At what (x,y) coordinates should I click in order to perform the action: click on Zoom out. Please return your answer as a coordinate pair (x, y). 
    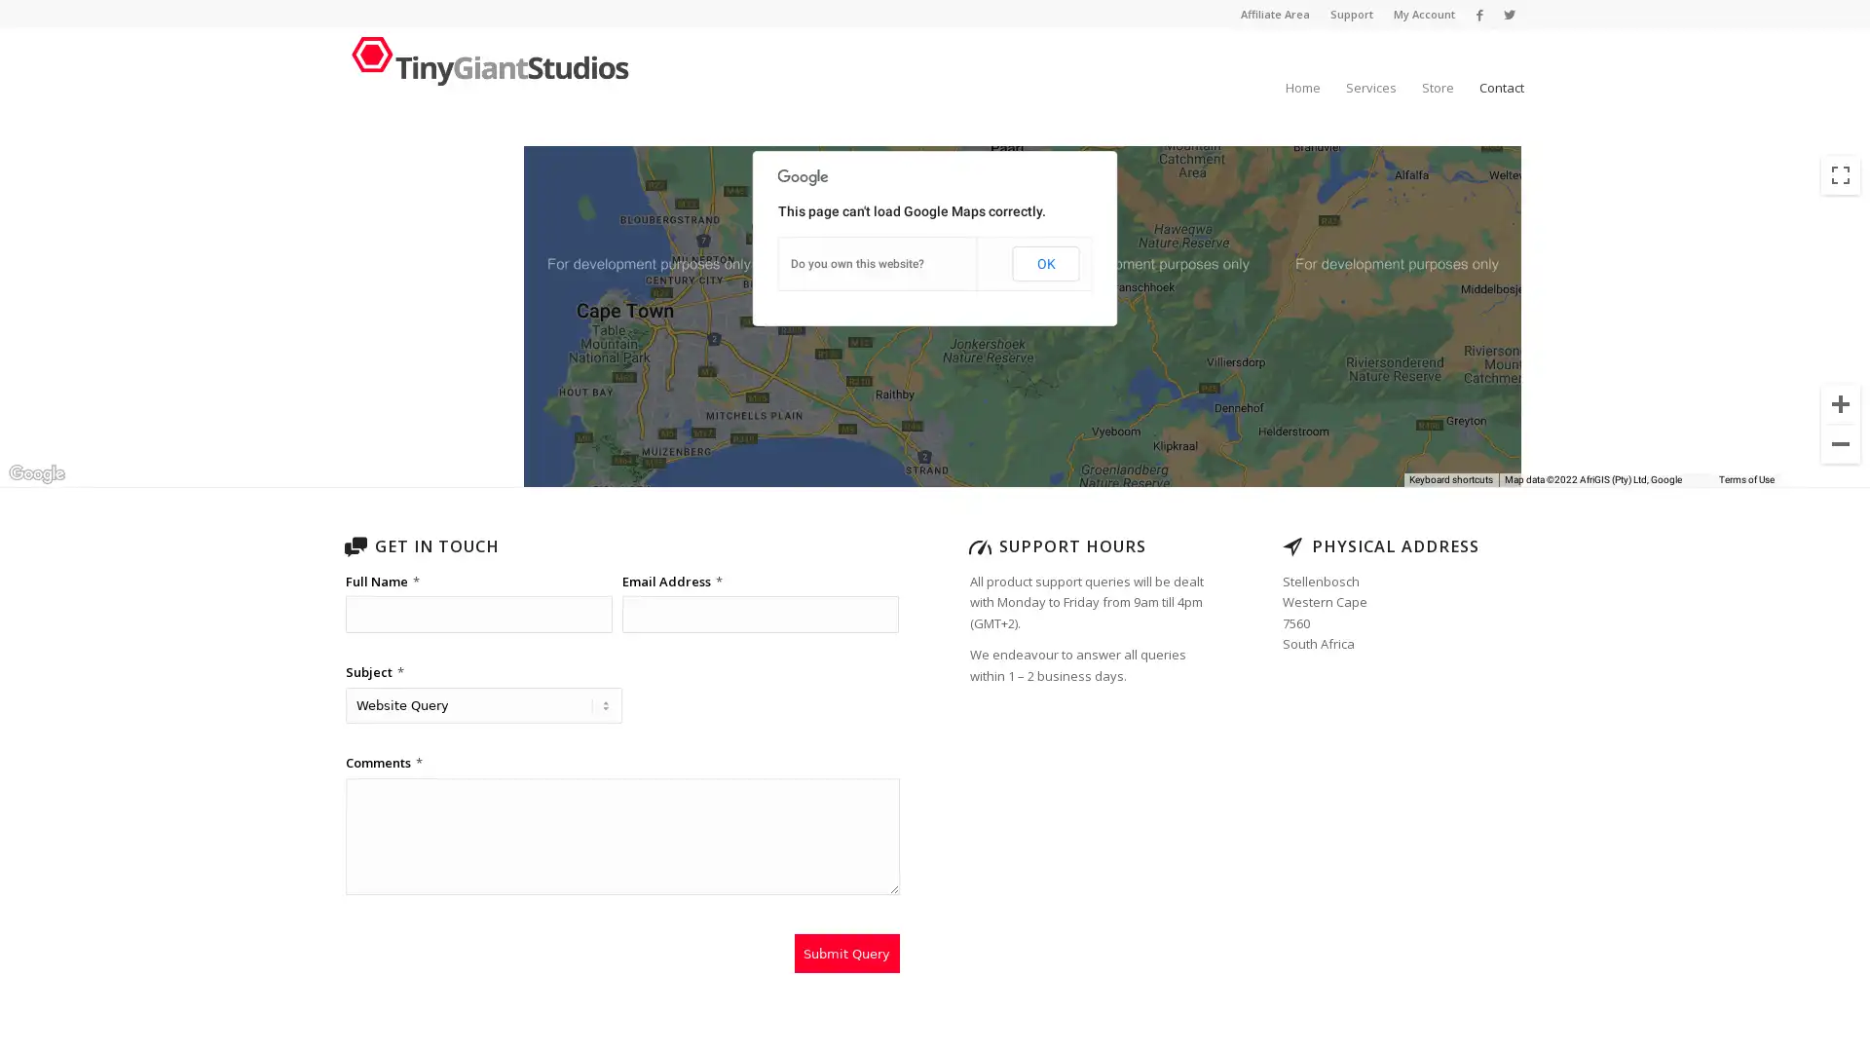
    Looking at the image, I should click on (1840, 443).